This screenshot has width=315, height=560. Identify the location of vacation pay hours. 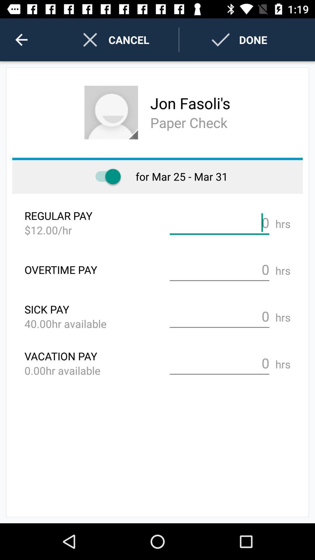
(219, 363).